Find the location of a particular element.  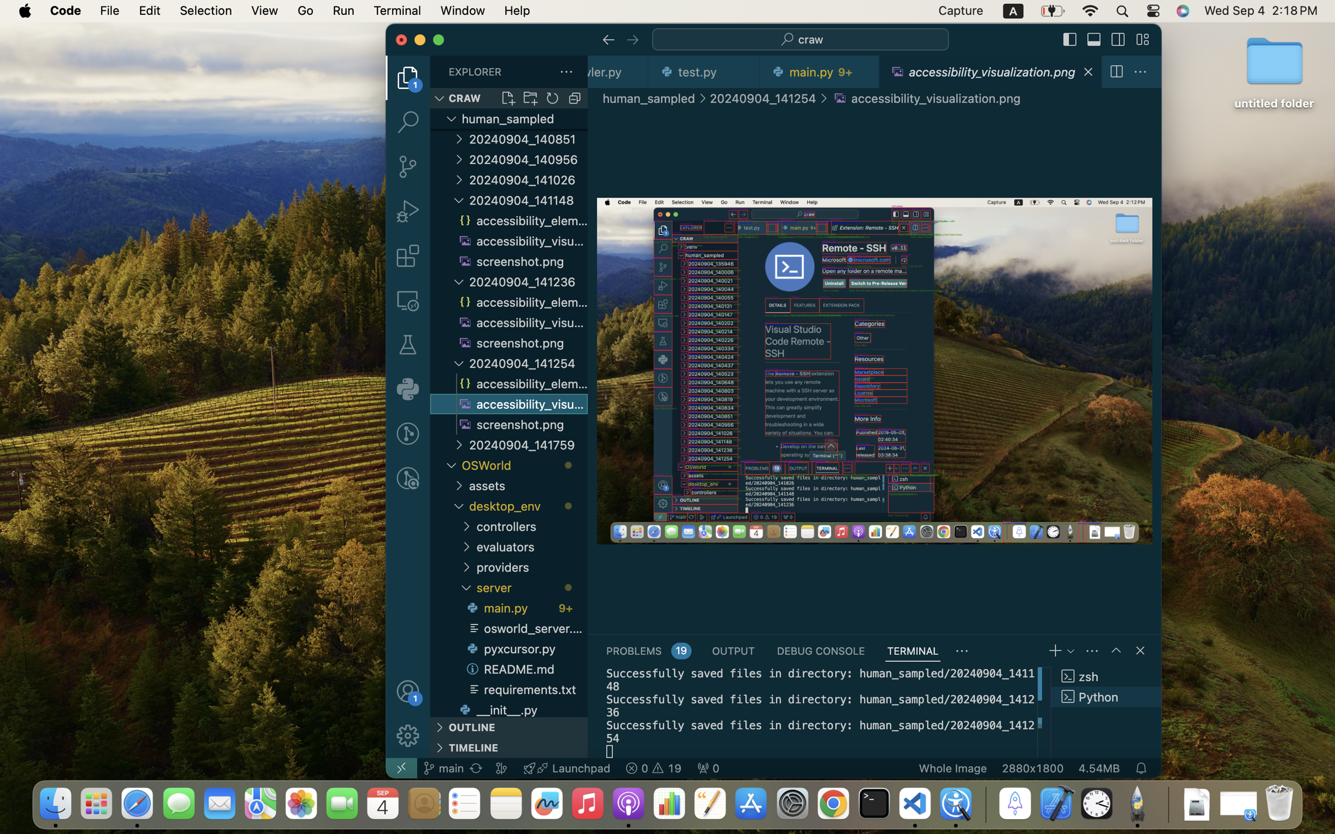

'' is located at coordinates (458, 158).